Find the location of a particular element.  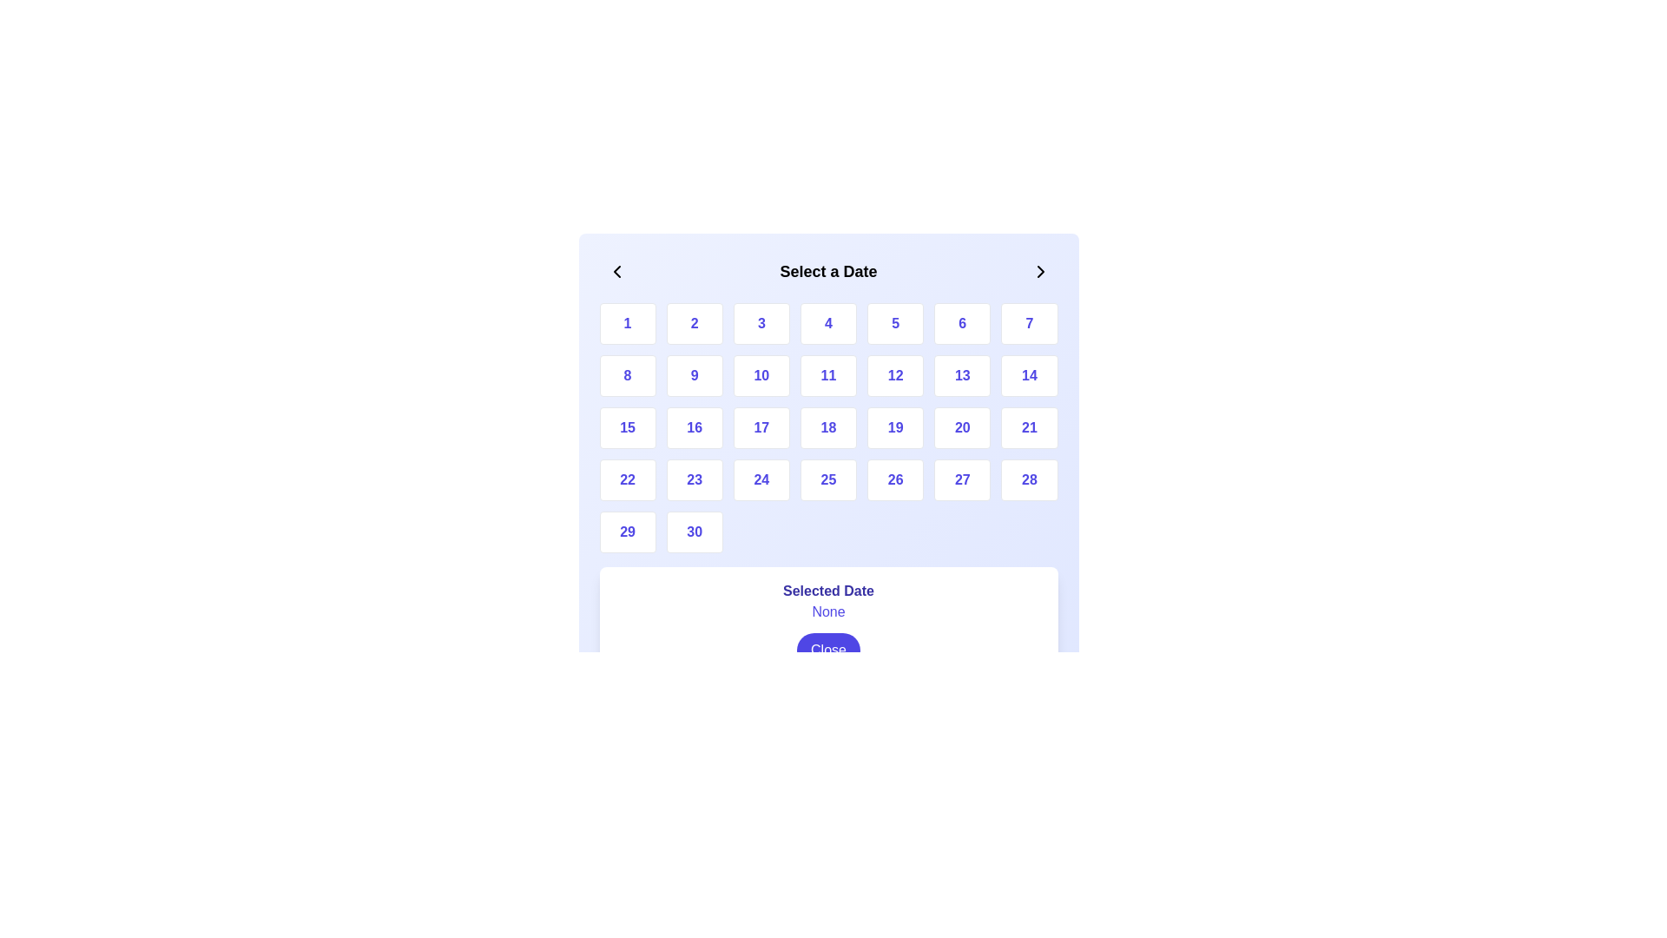

the 'Close' button, which is a rounded rectangle filled with vibrant indigo and has white text in the center, to change its color to a lighter indigo shade is located at coordinates (827, 650).